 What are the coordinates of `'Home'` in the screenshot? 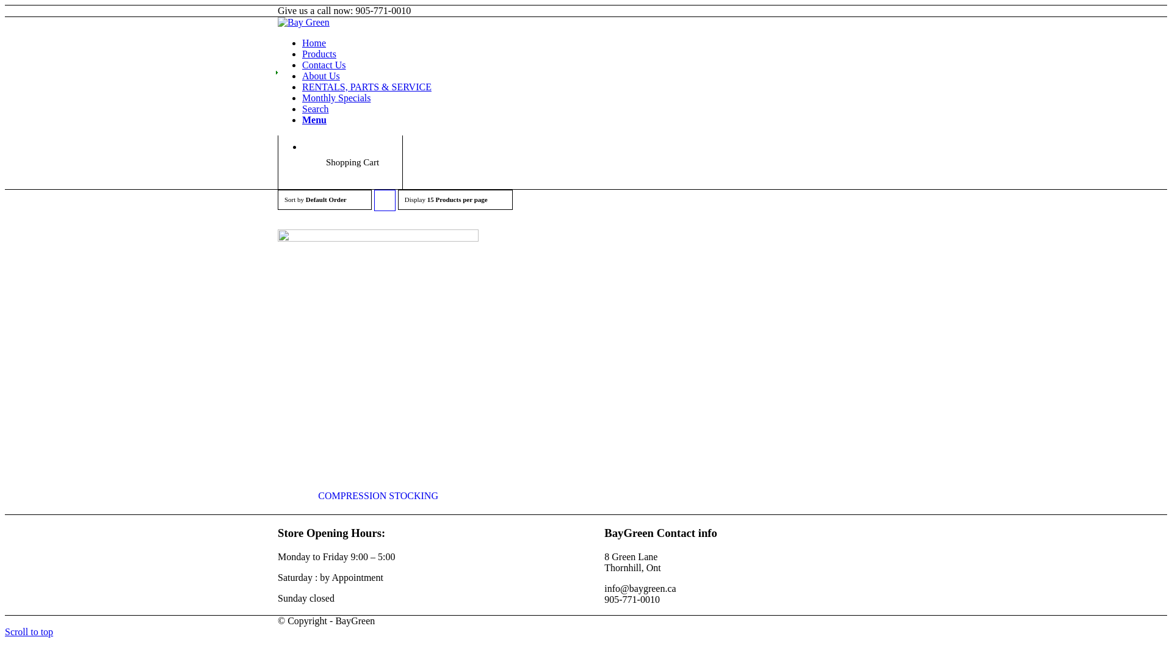 It's located at (314, 42).